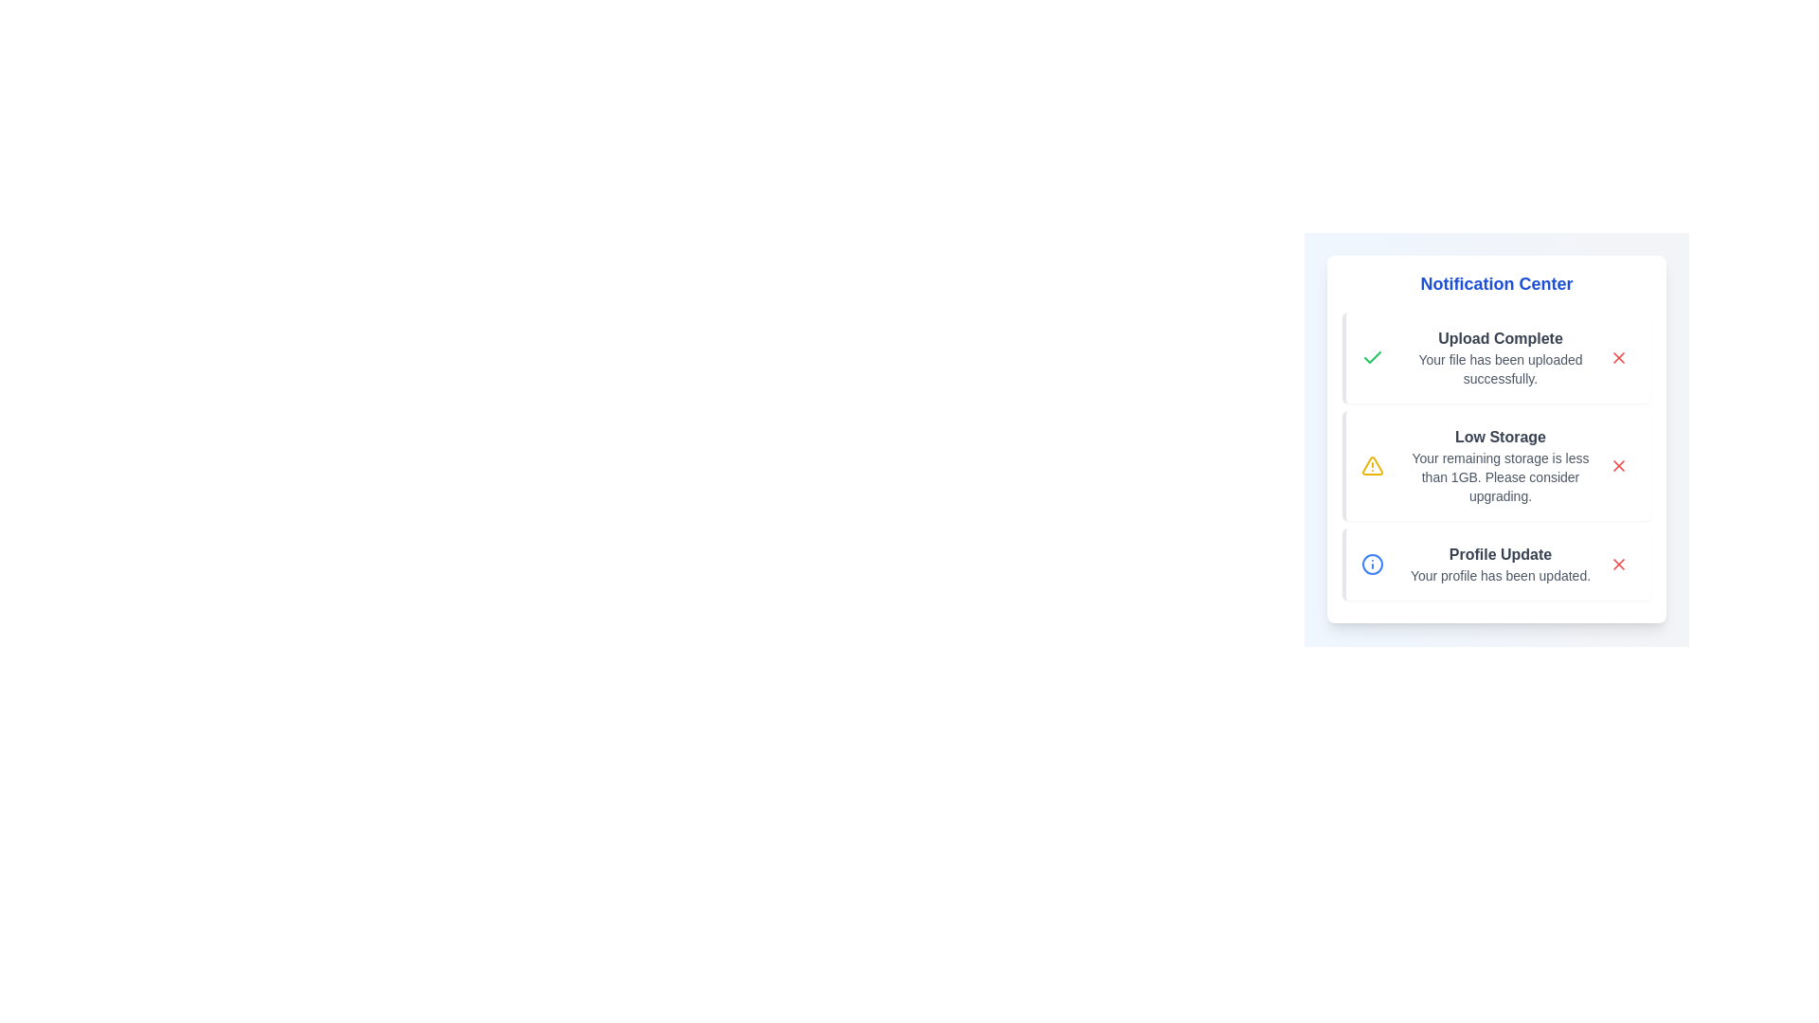  What do you see at coordinates (1495, 358) in the screenshot?
I see `text of the Notification Card at the top of the Notification Center, which confirms that the file has been uploaded successfully` at bounding box center [1495, 358].